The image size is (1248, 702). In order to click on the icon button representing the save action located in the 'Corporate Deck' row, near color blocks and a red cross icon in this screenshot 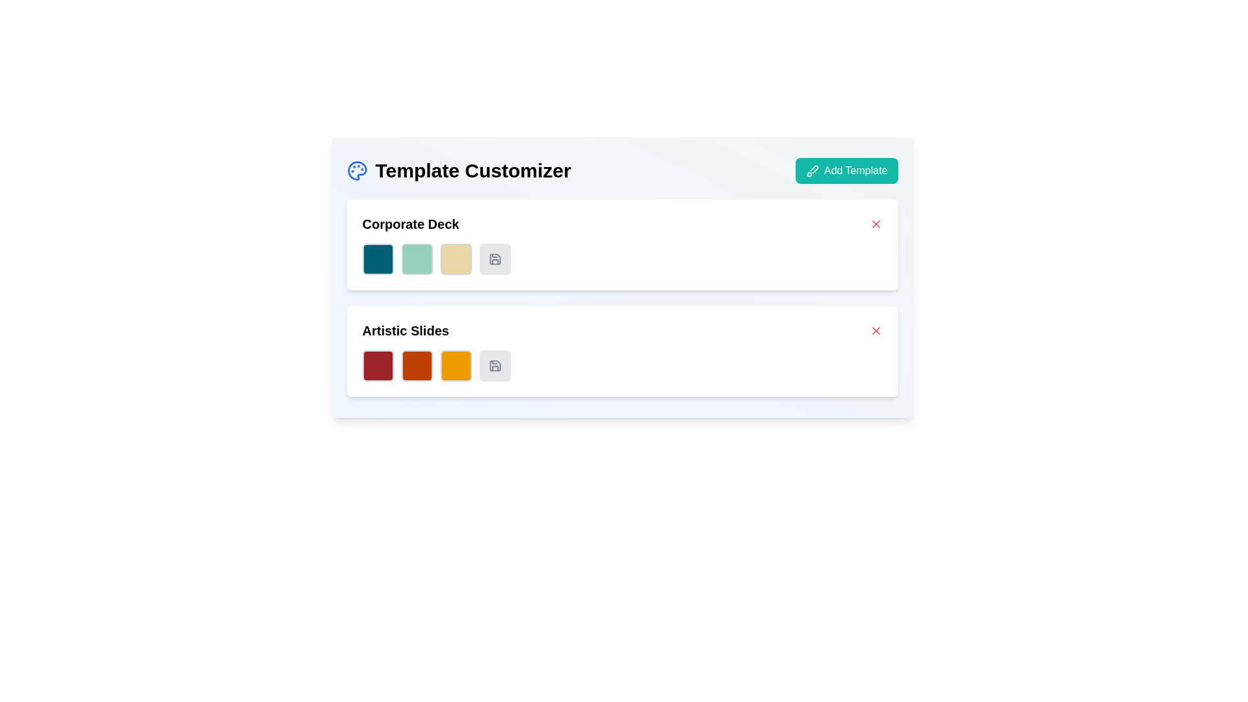, I will do `click(494, 259)`.